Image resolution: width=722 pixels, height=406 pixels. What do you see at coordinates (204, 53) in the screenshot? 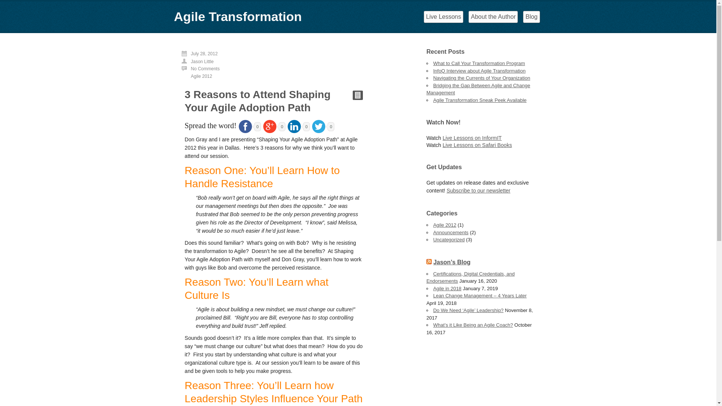
I see `'July 28, 2012'` at bounding box center [204, 53].